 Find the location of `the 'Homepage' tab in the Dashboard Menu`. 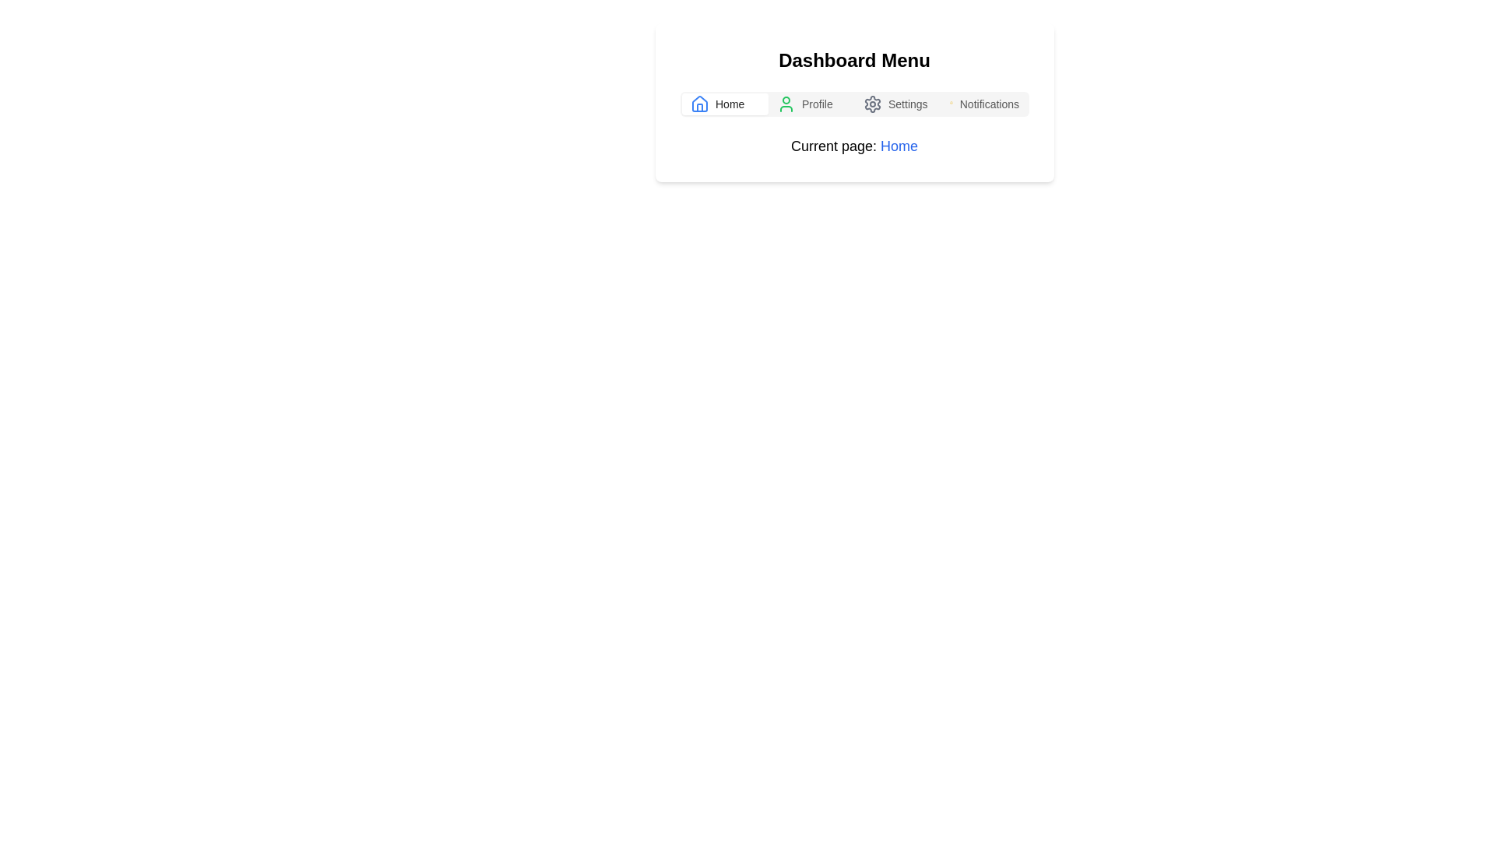

the 'Homepage' tab in the Dashboard Menu is located at coordinates (724, 104).